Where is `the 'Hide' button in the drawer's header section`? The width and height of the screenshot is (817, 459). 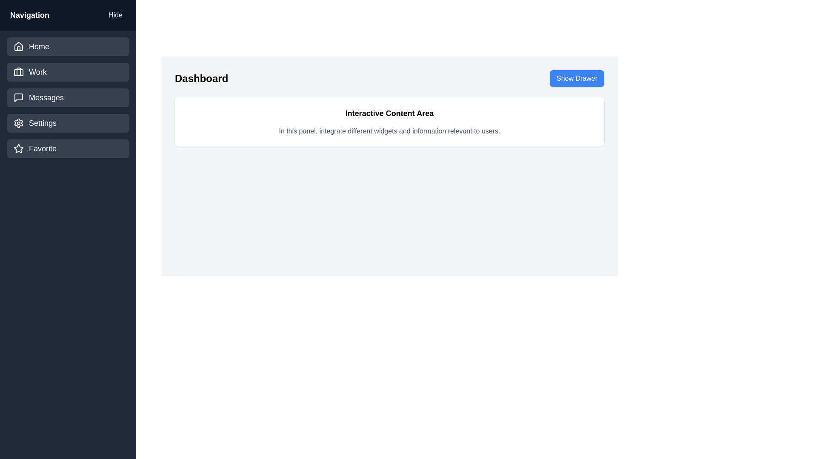 the 'Hide' button in the drawer's header section is located at coordinates (114, 15).